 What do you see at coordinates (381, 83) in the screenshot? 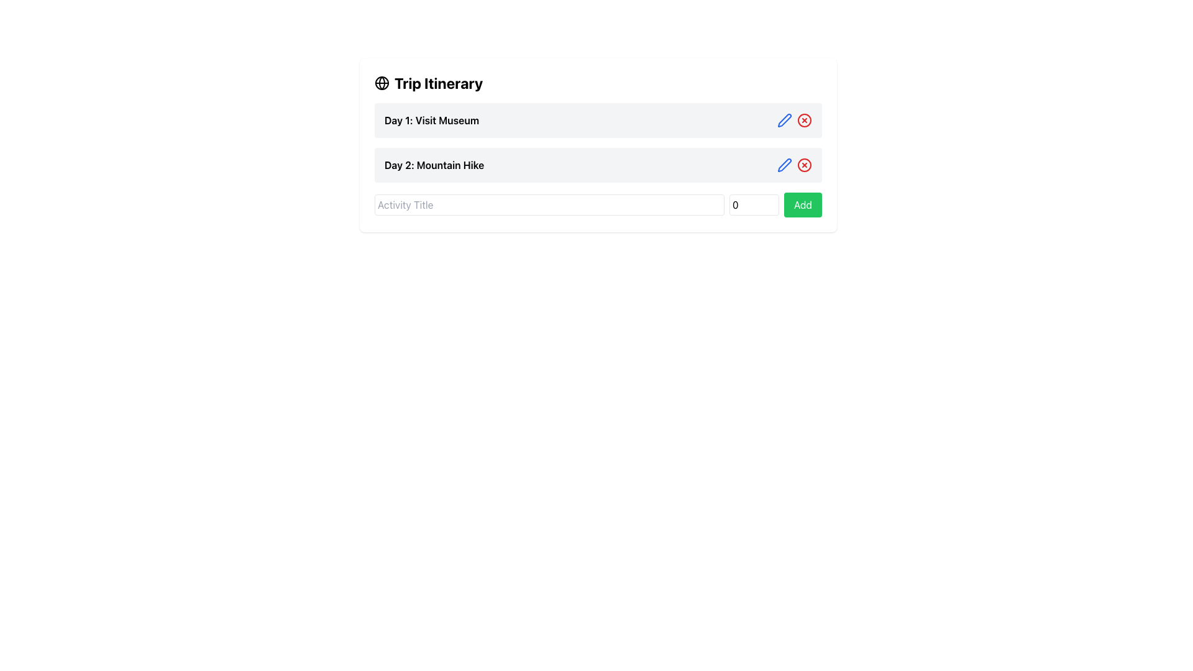
I see `the globe icon located in the top left corner of the 'Trip Itinerary' header by moving the cursor to its center point` at bounding box center [381, 83].